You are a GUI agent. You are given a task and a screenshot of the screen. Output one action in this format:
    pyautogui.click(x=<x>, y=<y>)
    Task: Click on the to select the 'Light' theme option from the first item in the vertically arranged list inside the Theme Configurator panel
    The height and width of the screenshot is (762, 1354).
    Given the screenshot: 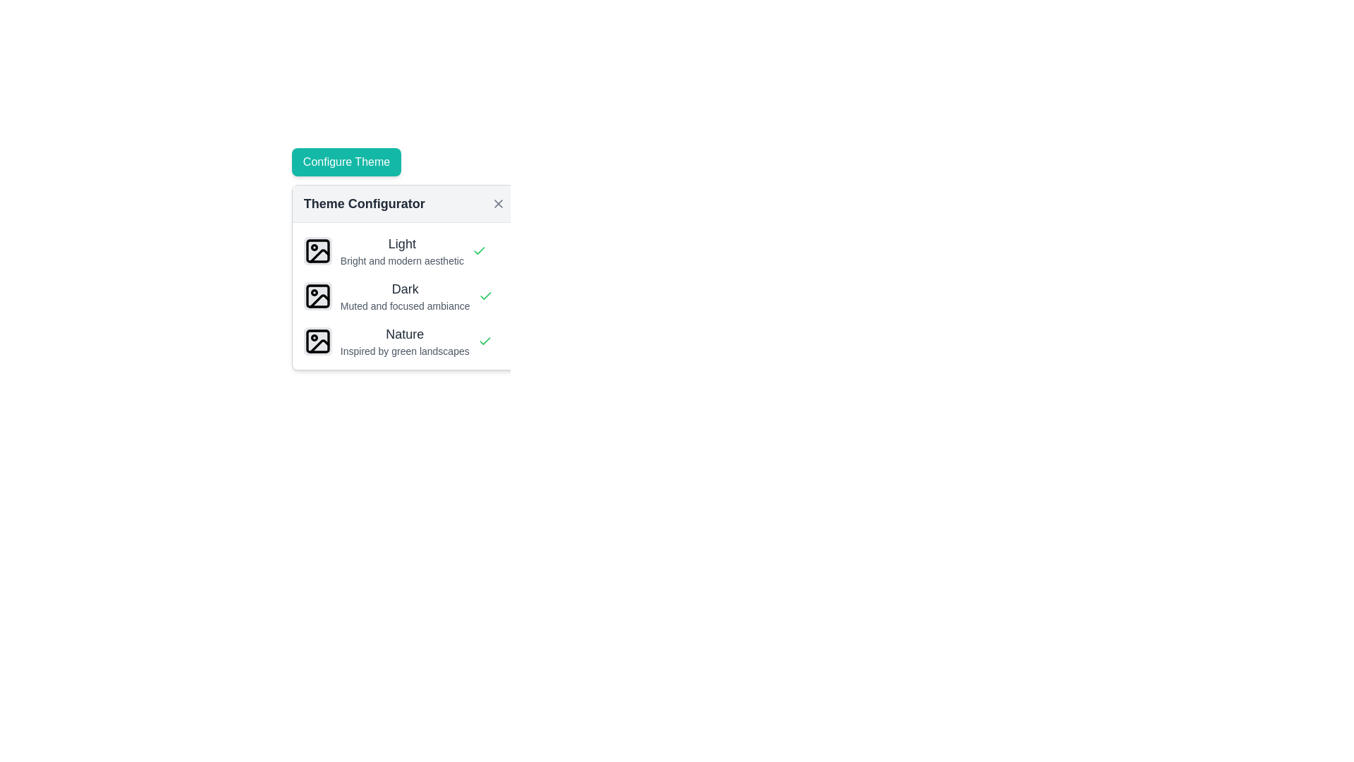 What is the action you would take?
    pyautogui.click(x=403, y=250)
    